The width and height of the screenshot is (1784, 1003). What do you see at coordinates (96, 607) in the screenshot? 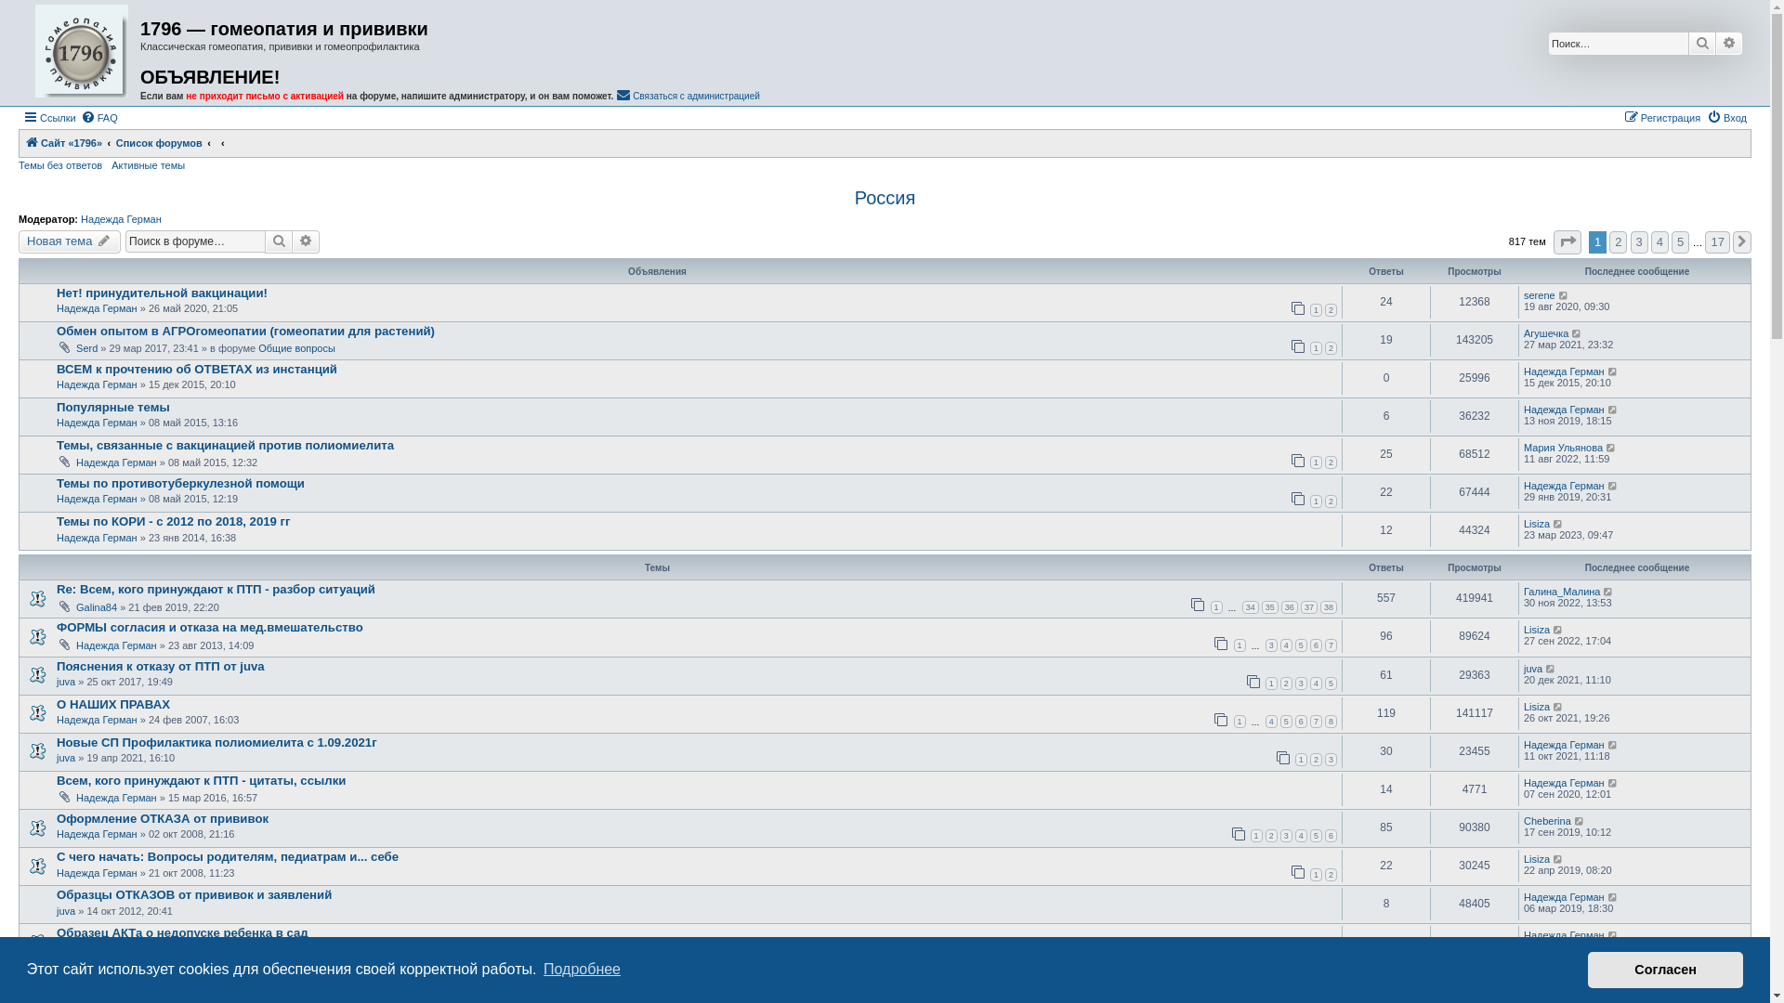
I see `'Galina84'` at bounding box center [96, 607].